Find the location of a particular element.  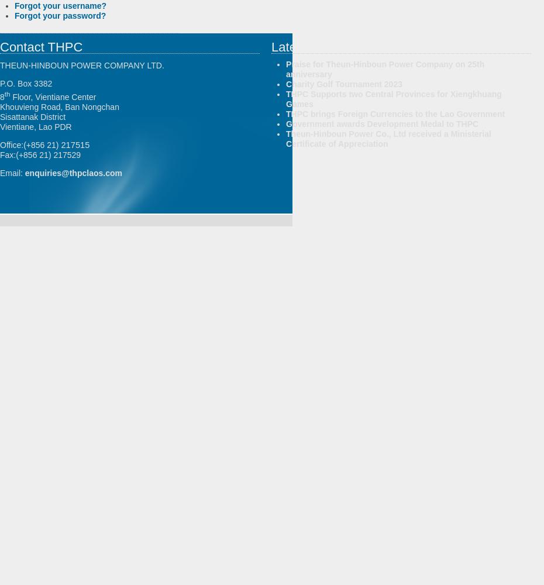

'8' is located at coordinates (1, 97).